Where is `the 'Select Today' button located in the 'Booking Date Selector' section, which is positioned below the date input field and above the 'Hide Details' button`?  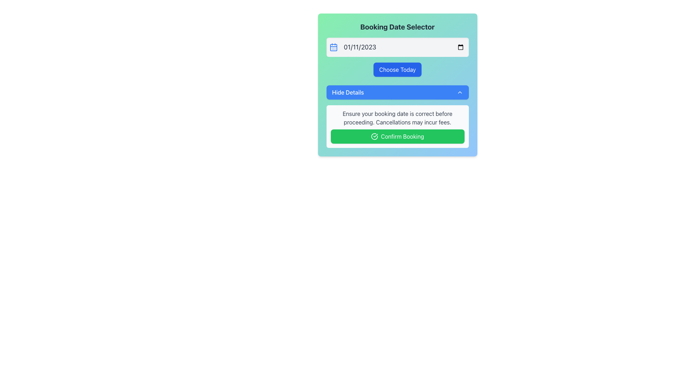
the 'Select Today' button located in the 'Booking Date Selector' section, which is positioned below the date input field and above the 'Hide Details' button is located at coordinates (397, 70).